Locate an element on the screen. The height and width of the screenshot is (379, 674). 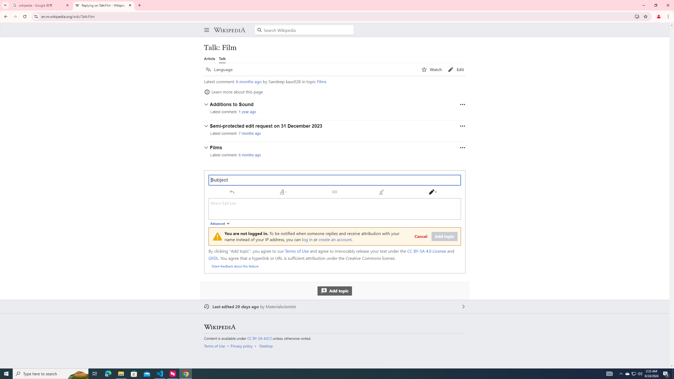
'Privacy policy' is located at coordinates (241, 346).